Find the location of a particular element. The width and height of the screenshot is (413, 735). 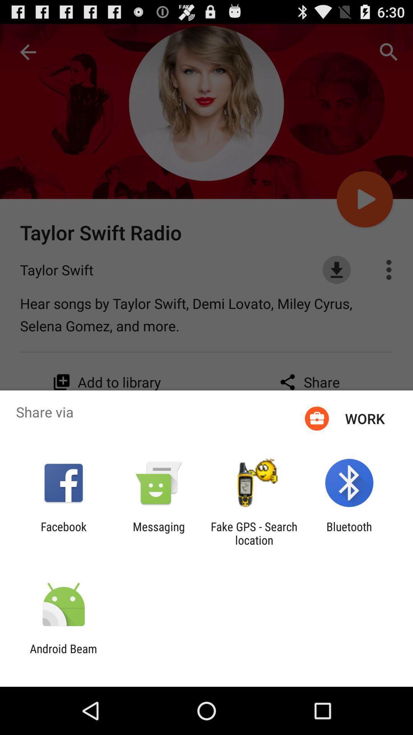

icon next to the messaging item is located at coordinates (254, 533).